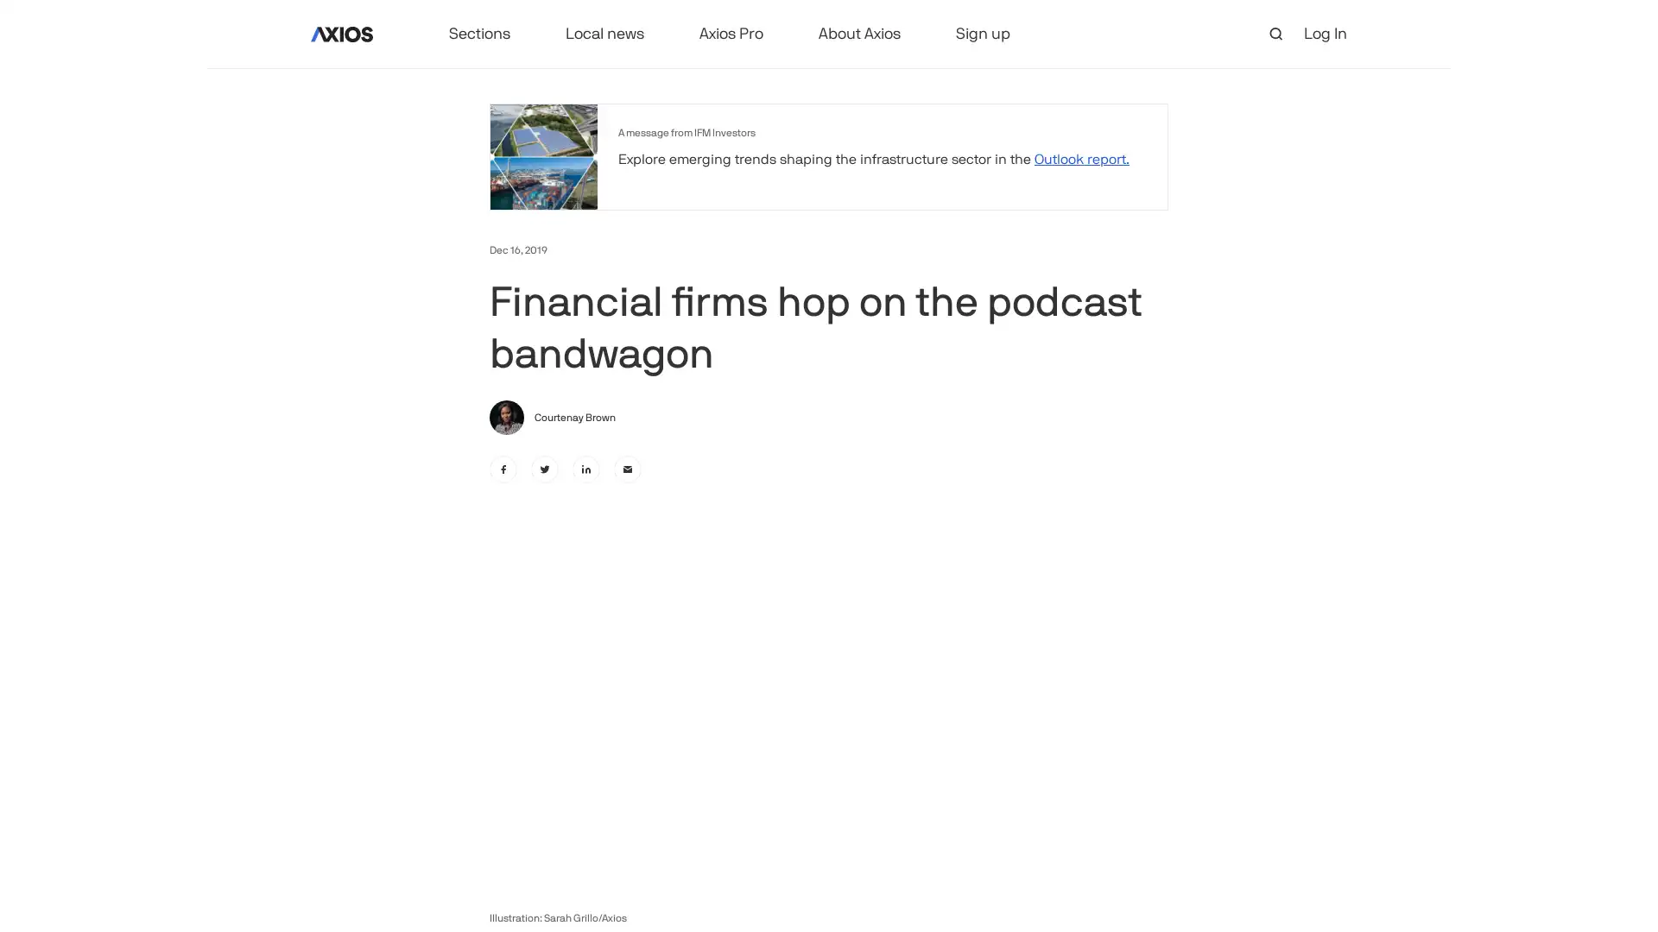 This screenshot has width=1658, height=932. I want to click on Log In, so click(1325, 33).